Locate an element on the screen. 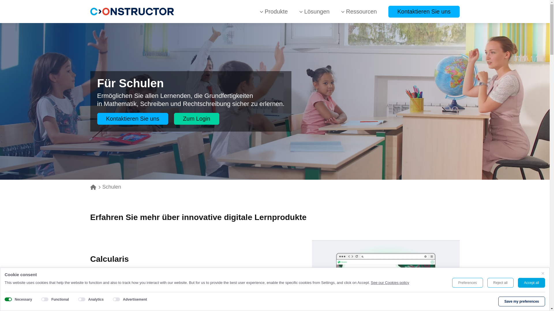 Image resolution: width=554 pixels, height=311 pixels. 'Zum Login' is located at coordinates (196, 118).